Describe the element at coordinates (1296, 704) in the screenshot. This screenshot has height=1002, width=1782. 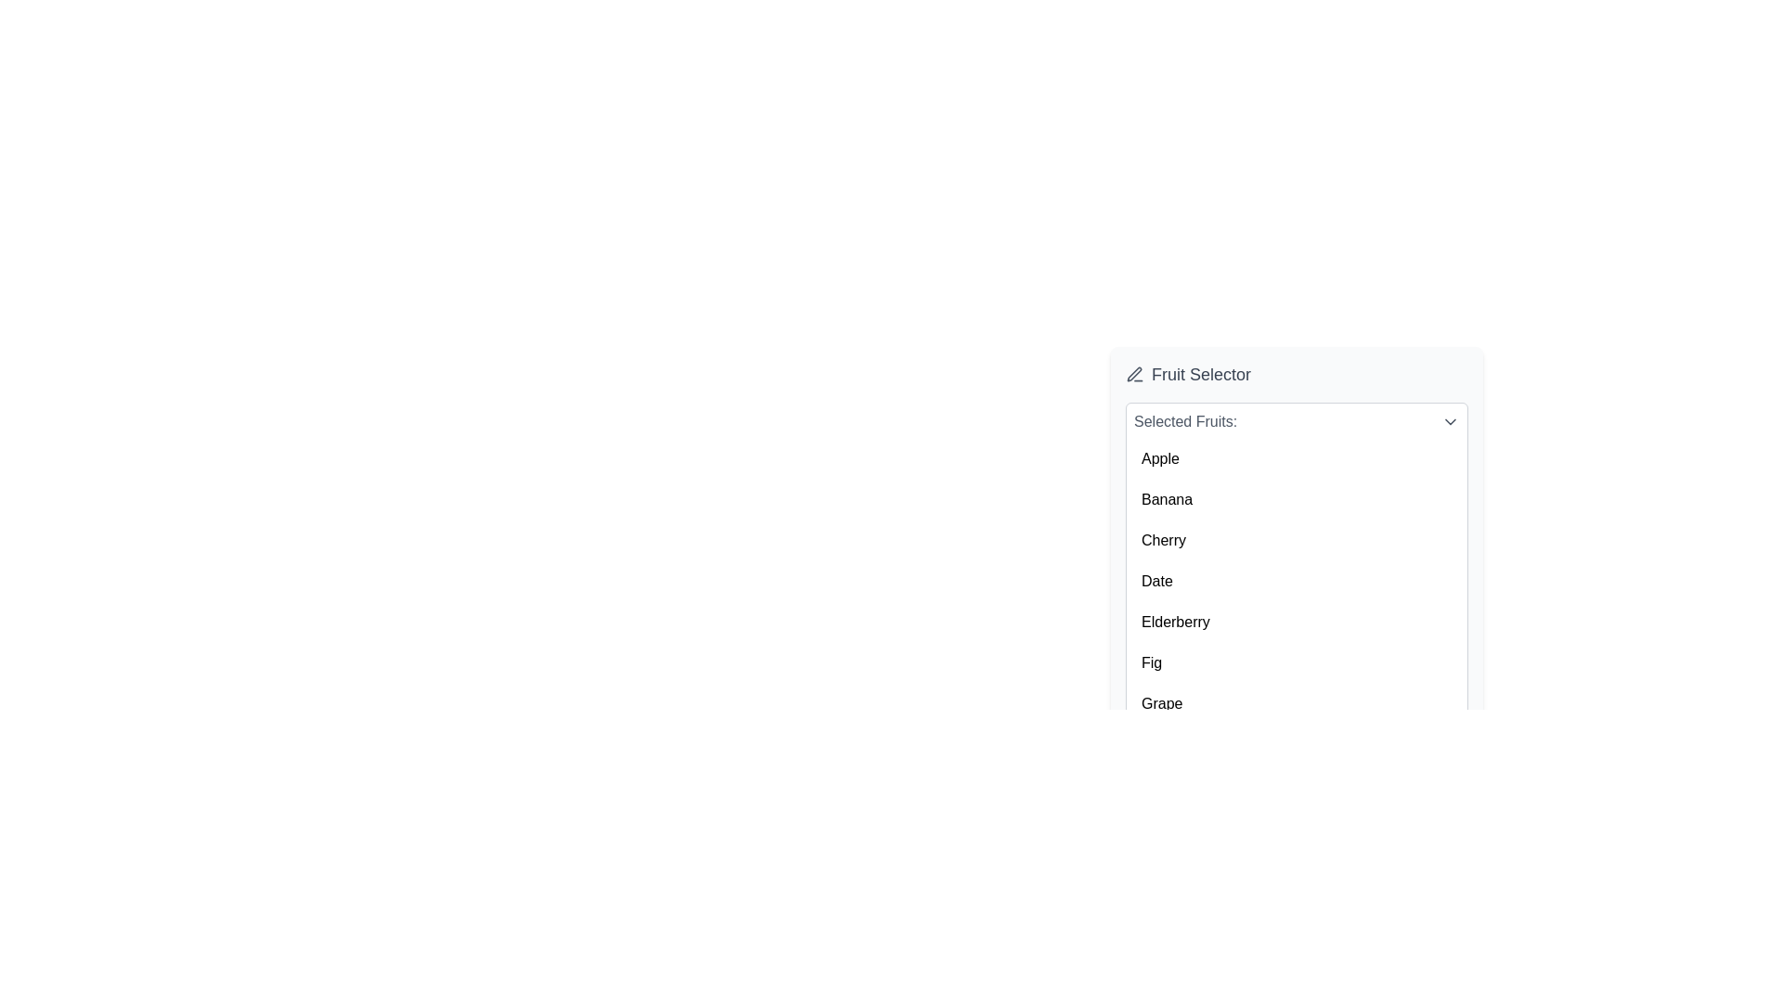
I see `the seventh list item in the vertical selection list of fruit items` at that location.